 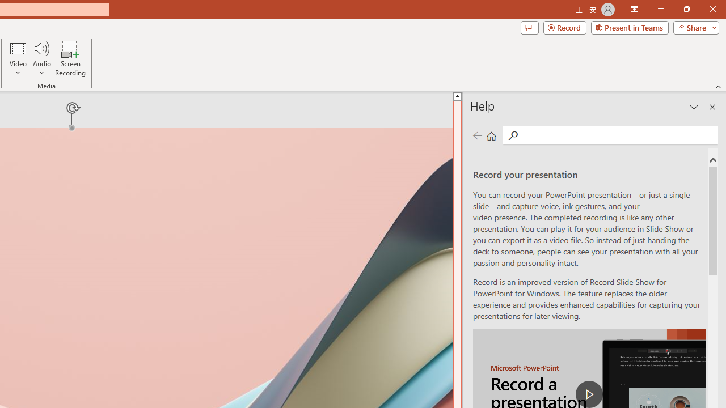 What do you see at coordinates (477, 135) in the screenshot?
I see `'Previous page'` at bounding box center [477, 135].